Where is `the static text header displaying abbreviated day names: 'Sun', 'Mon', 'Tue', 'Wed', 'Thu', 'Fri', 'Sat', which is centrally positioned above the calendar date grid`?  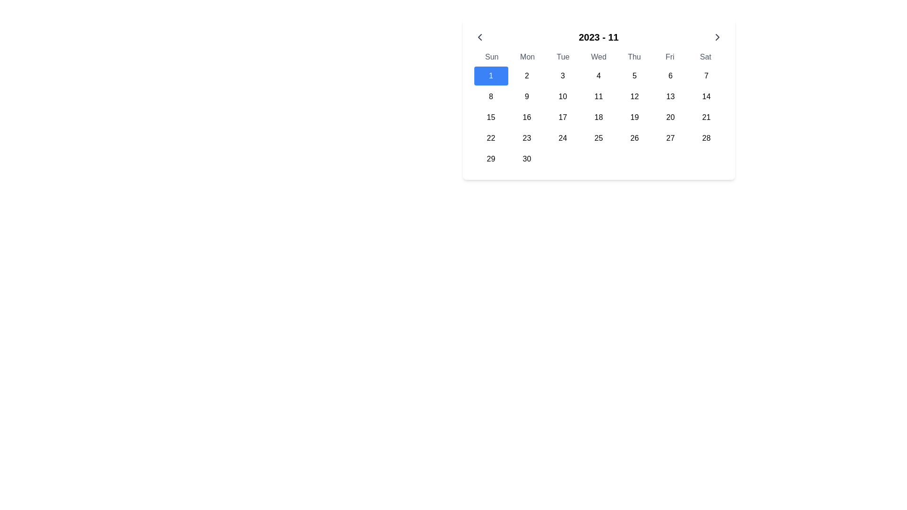 the static text header displaying abbreviated day names: 'Sun', 'Mon', 'Tue', 'Wed', 'Thu', 'Fri', 'Sat', which is centrally positioned above the calendar date grid is located at coordinates (598, 57).